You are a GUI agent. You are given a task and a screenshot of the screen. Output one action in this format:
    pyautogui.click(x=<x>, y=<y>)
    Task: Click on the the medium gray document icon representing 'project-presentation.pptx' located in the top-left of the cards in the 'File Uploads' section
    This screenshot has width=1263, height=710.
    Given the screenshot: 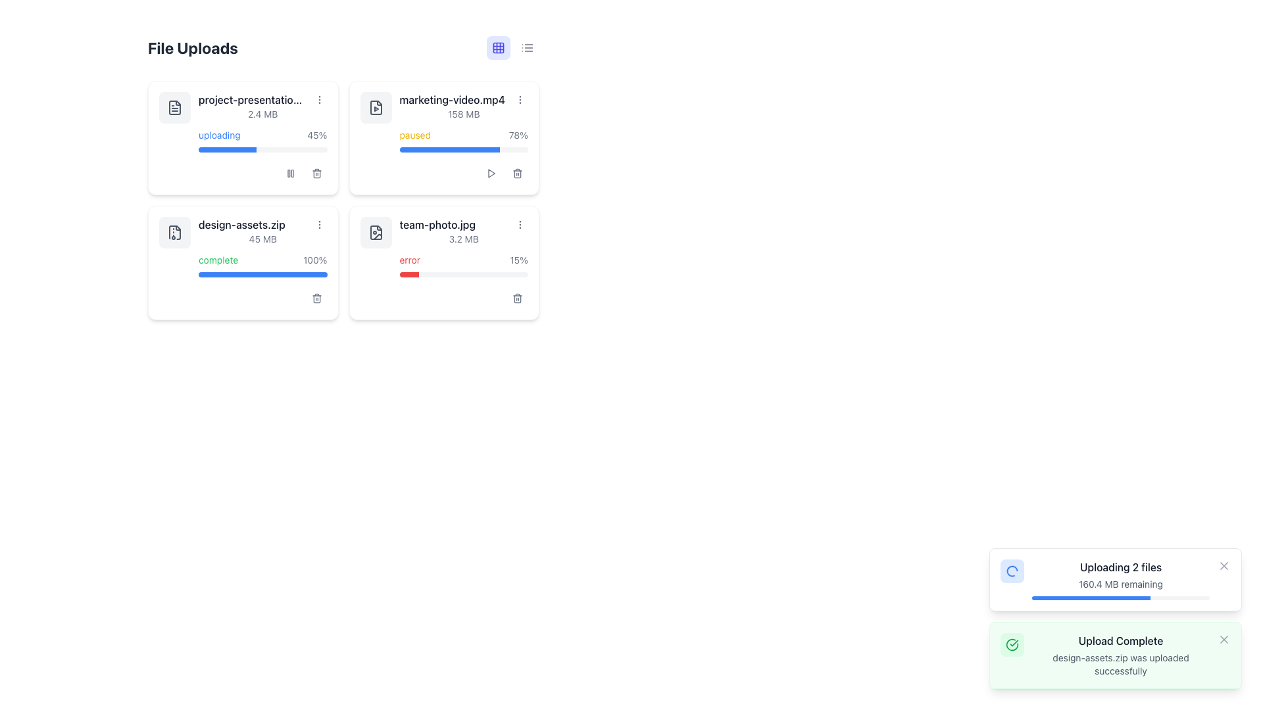 What is the action you would take?
    pyautogui.click(x=174, y=107)
    